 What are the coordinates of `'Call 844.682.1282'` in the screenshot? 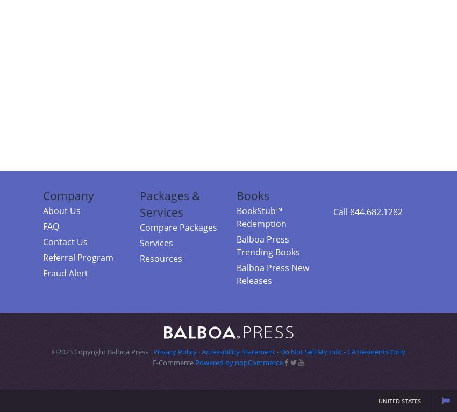 It's located at (332, 211).